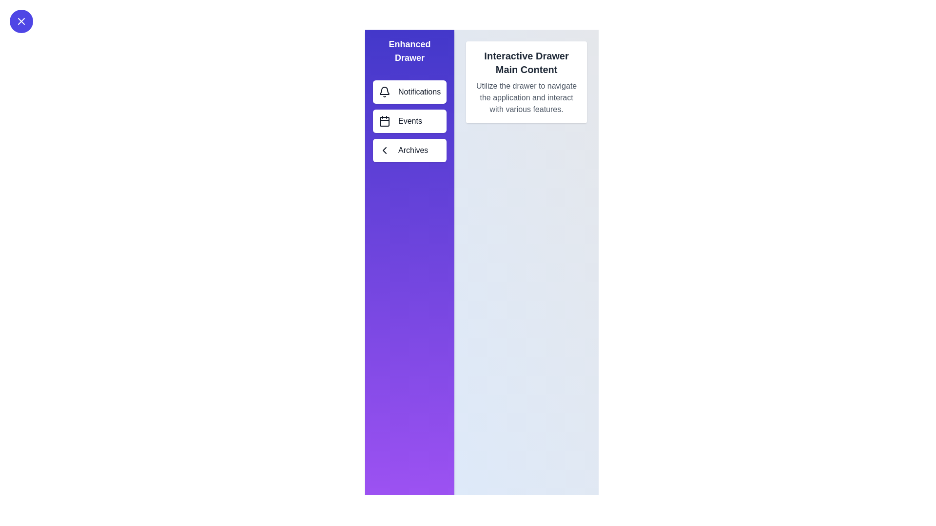  I want to click on the menu item labeled Archives, so click(409, 150).